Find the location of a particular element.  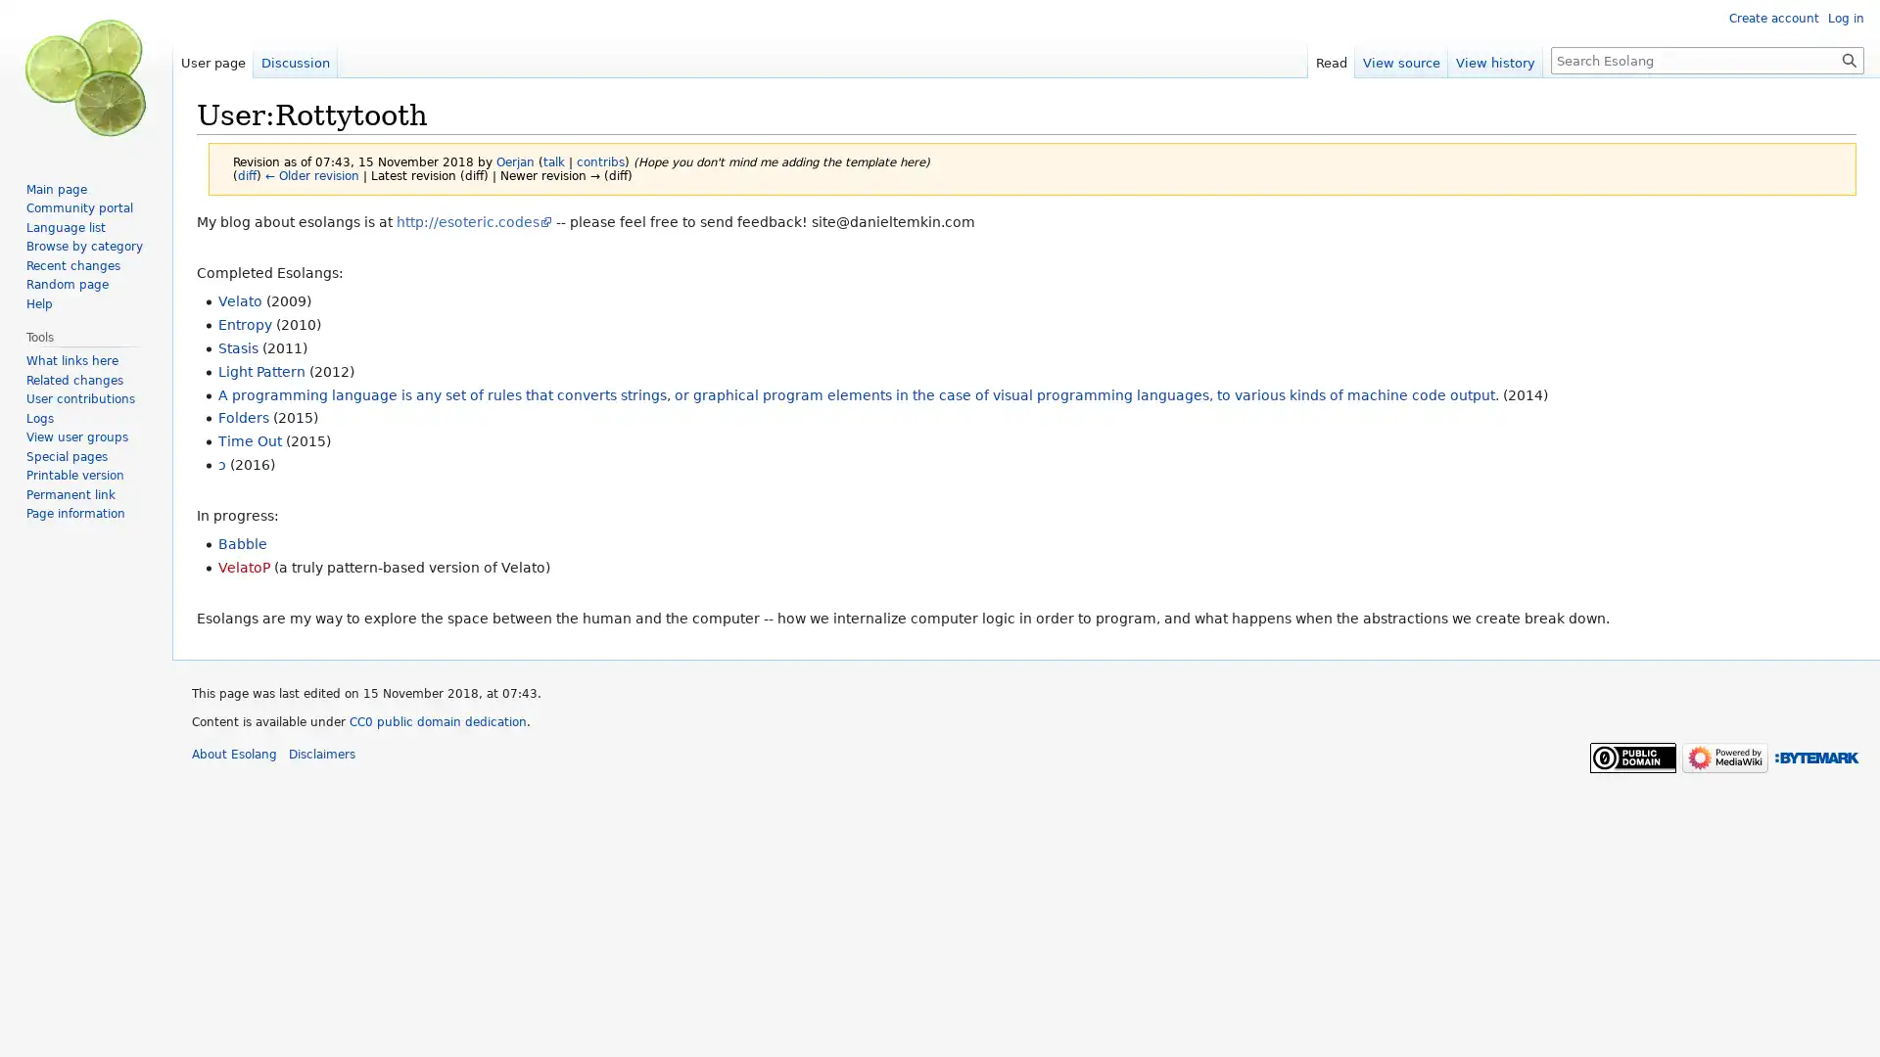

Go is located at coordinates (1849, 59).